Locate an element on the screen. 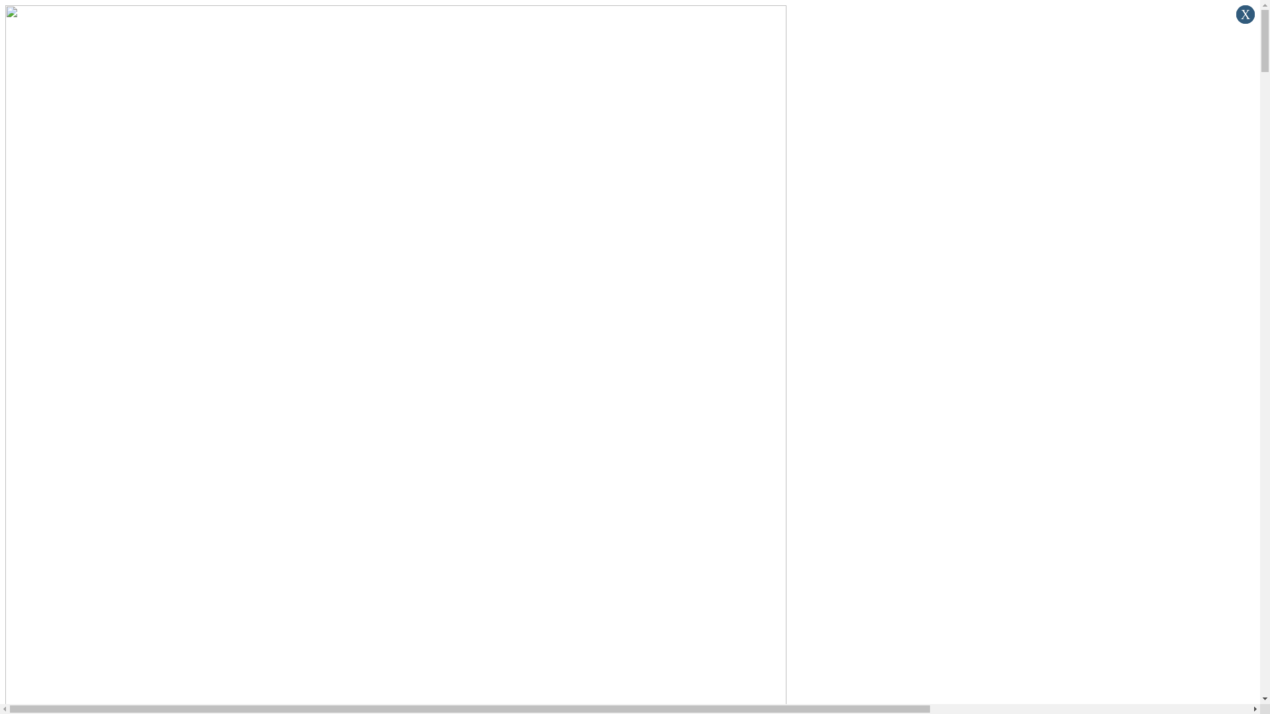 This screenshot has width=1270, height=714. 'x' is located at coordinates (1235, 15).